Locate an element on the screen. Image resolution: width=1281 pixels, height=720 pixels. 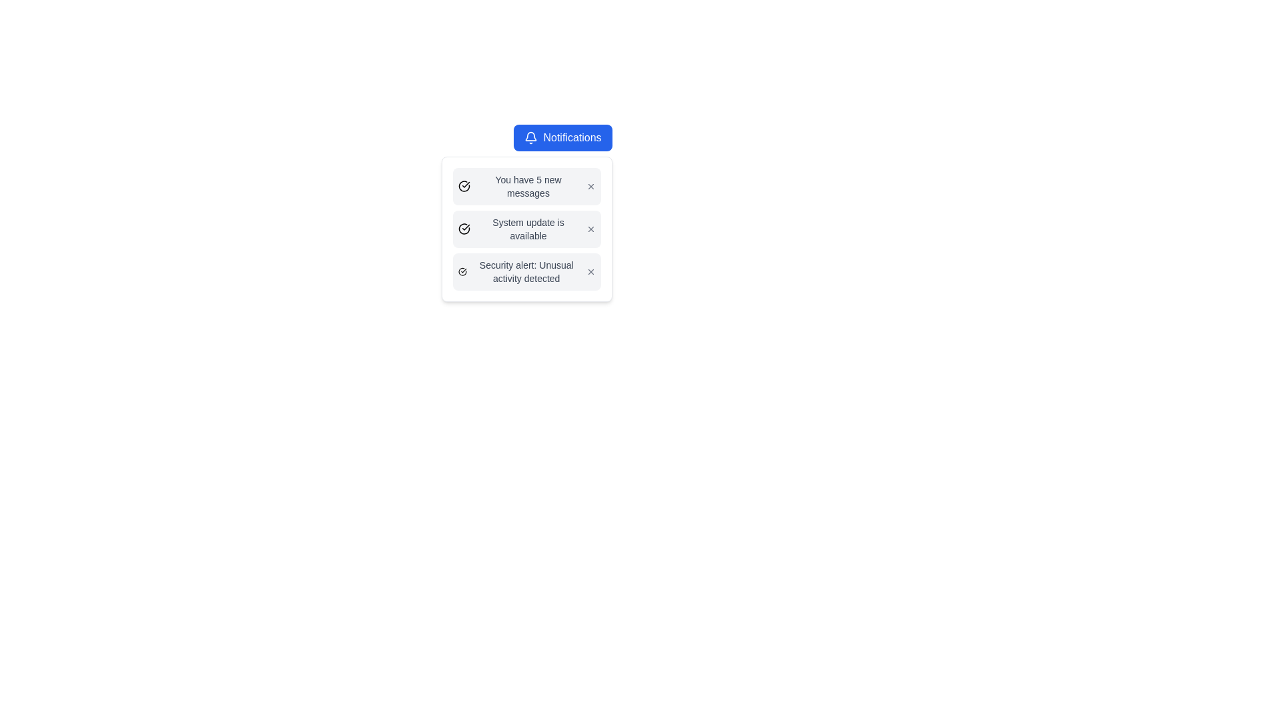
the notification item styled with a grey background and rounded corners, which contains the text 'System update is available' and a dismiss icon on the right is located at coordinates (526, 228).